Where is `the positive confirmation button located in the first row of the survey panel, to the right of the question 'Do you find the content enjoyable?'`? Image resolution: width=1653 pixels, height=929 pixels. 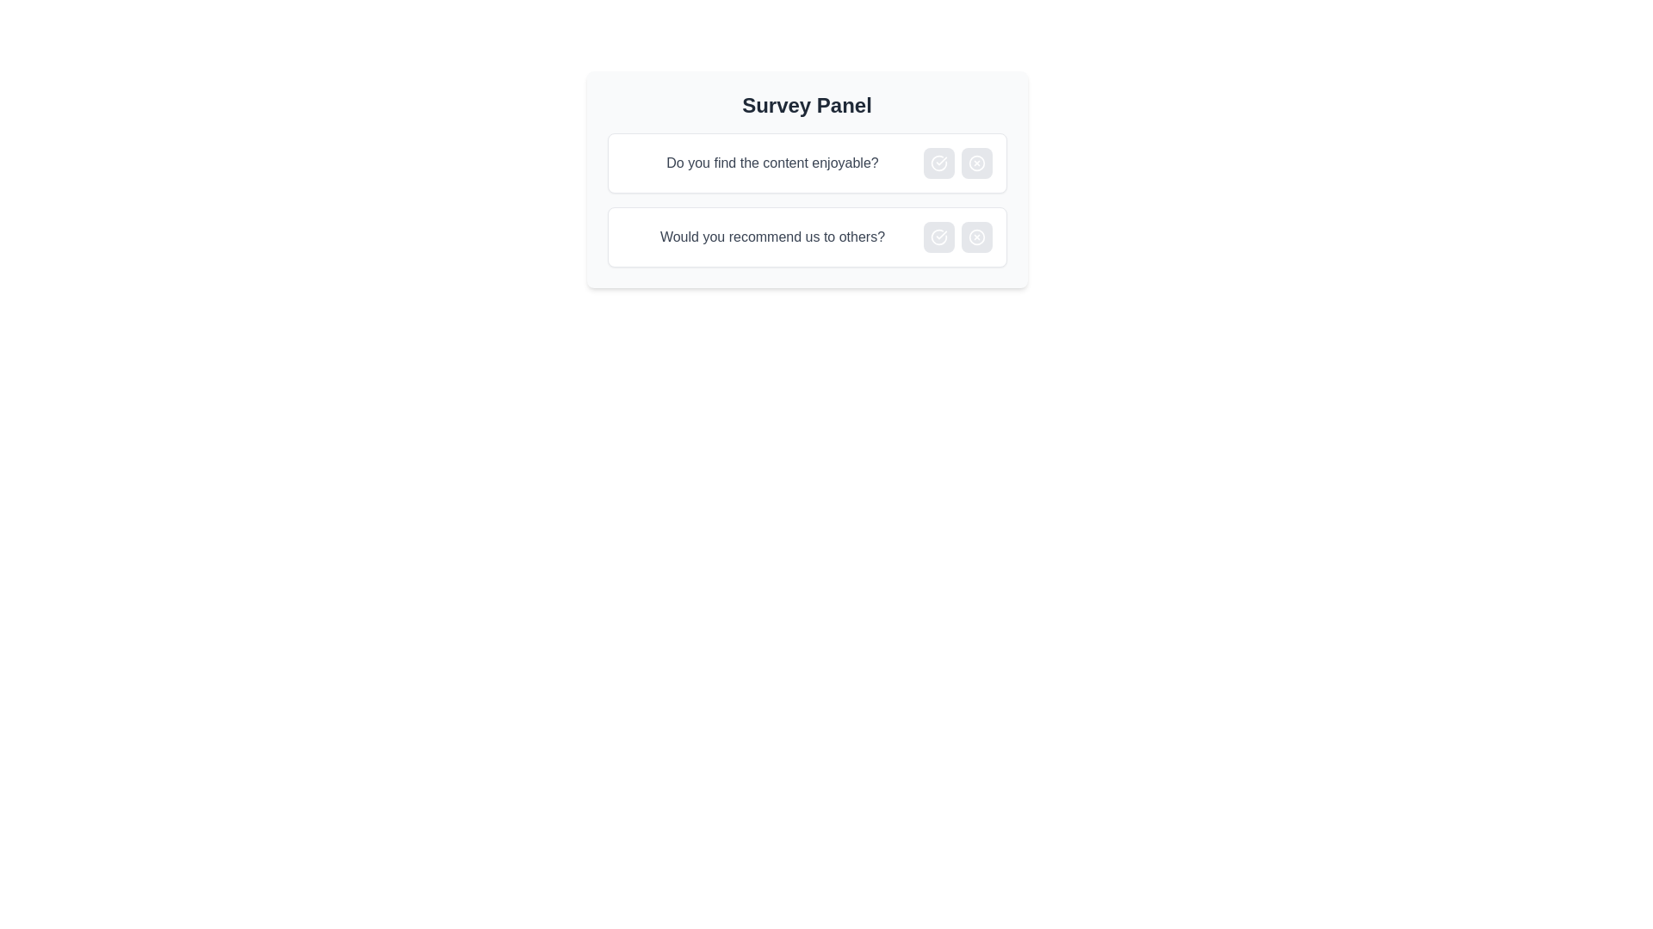
the positive confirmation button located in the first row of the survey panel, to the right of the question 'Do you find the content enjoyable?' is located at coordinates (938, 163).